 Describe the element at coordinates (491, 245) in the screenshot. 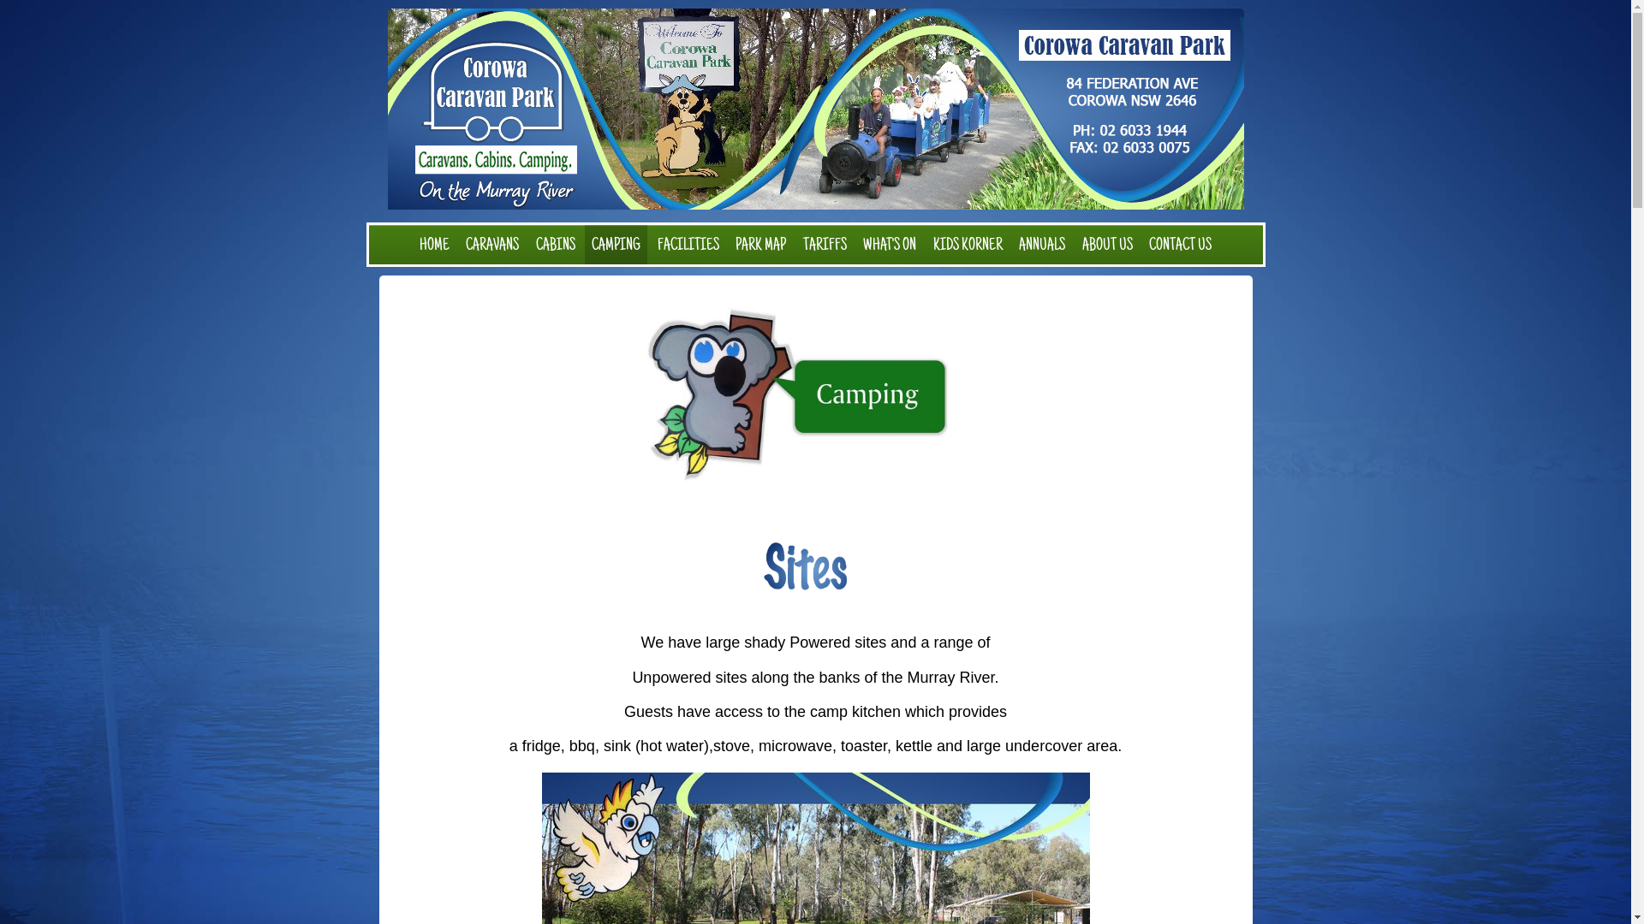

I see `'CARAVANS'` at that location.